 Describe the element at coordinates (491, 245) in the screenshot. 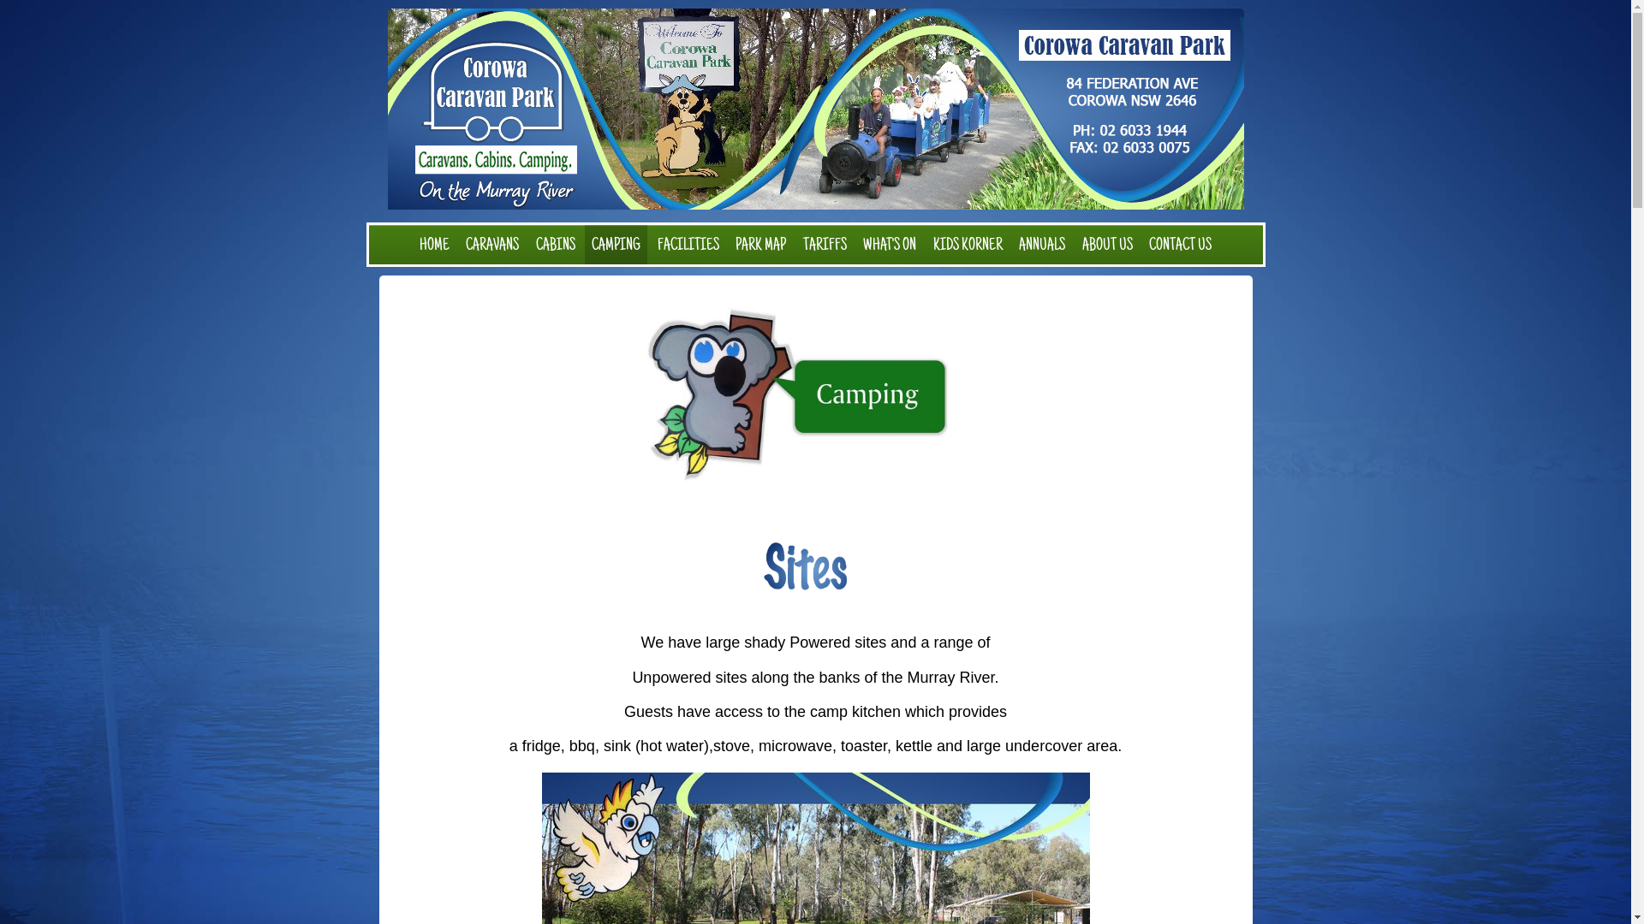

I see `'CARAVANS'` at that location.